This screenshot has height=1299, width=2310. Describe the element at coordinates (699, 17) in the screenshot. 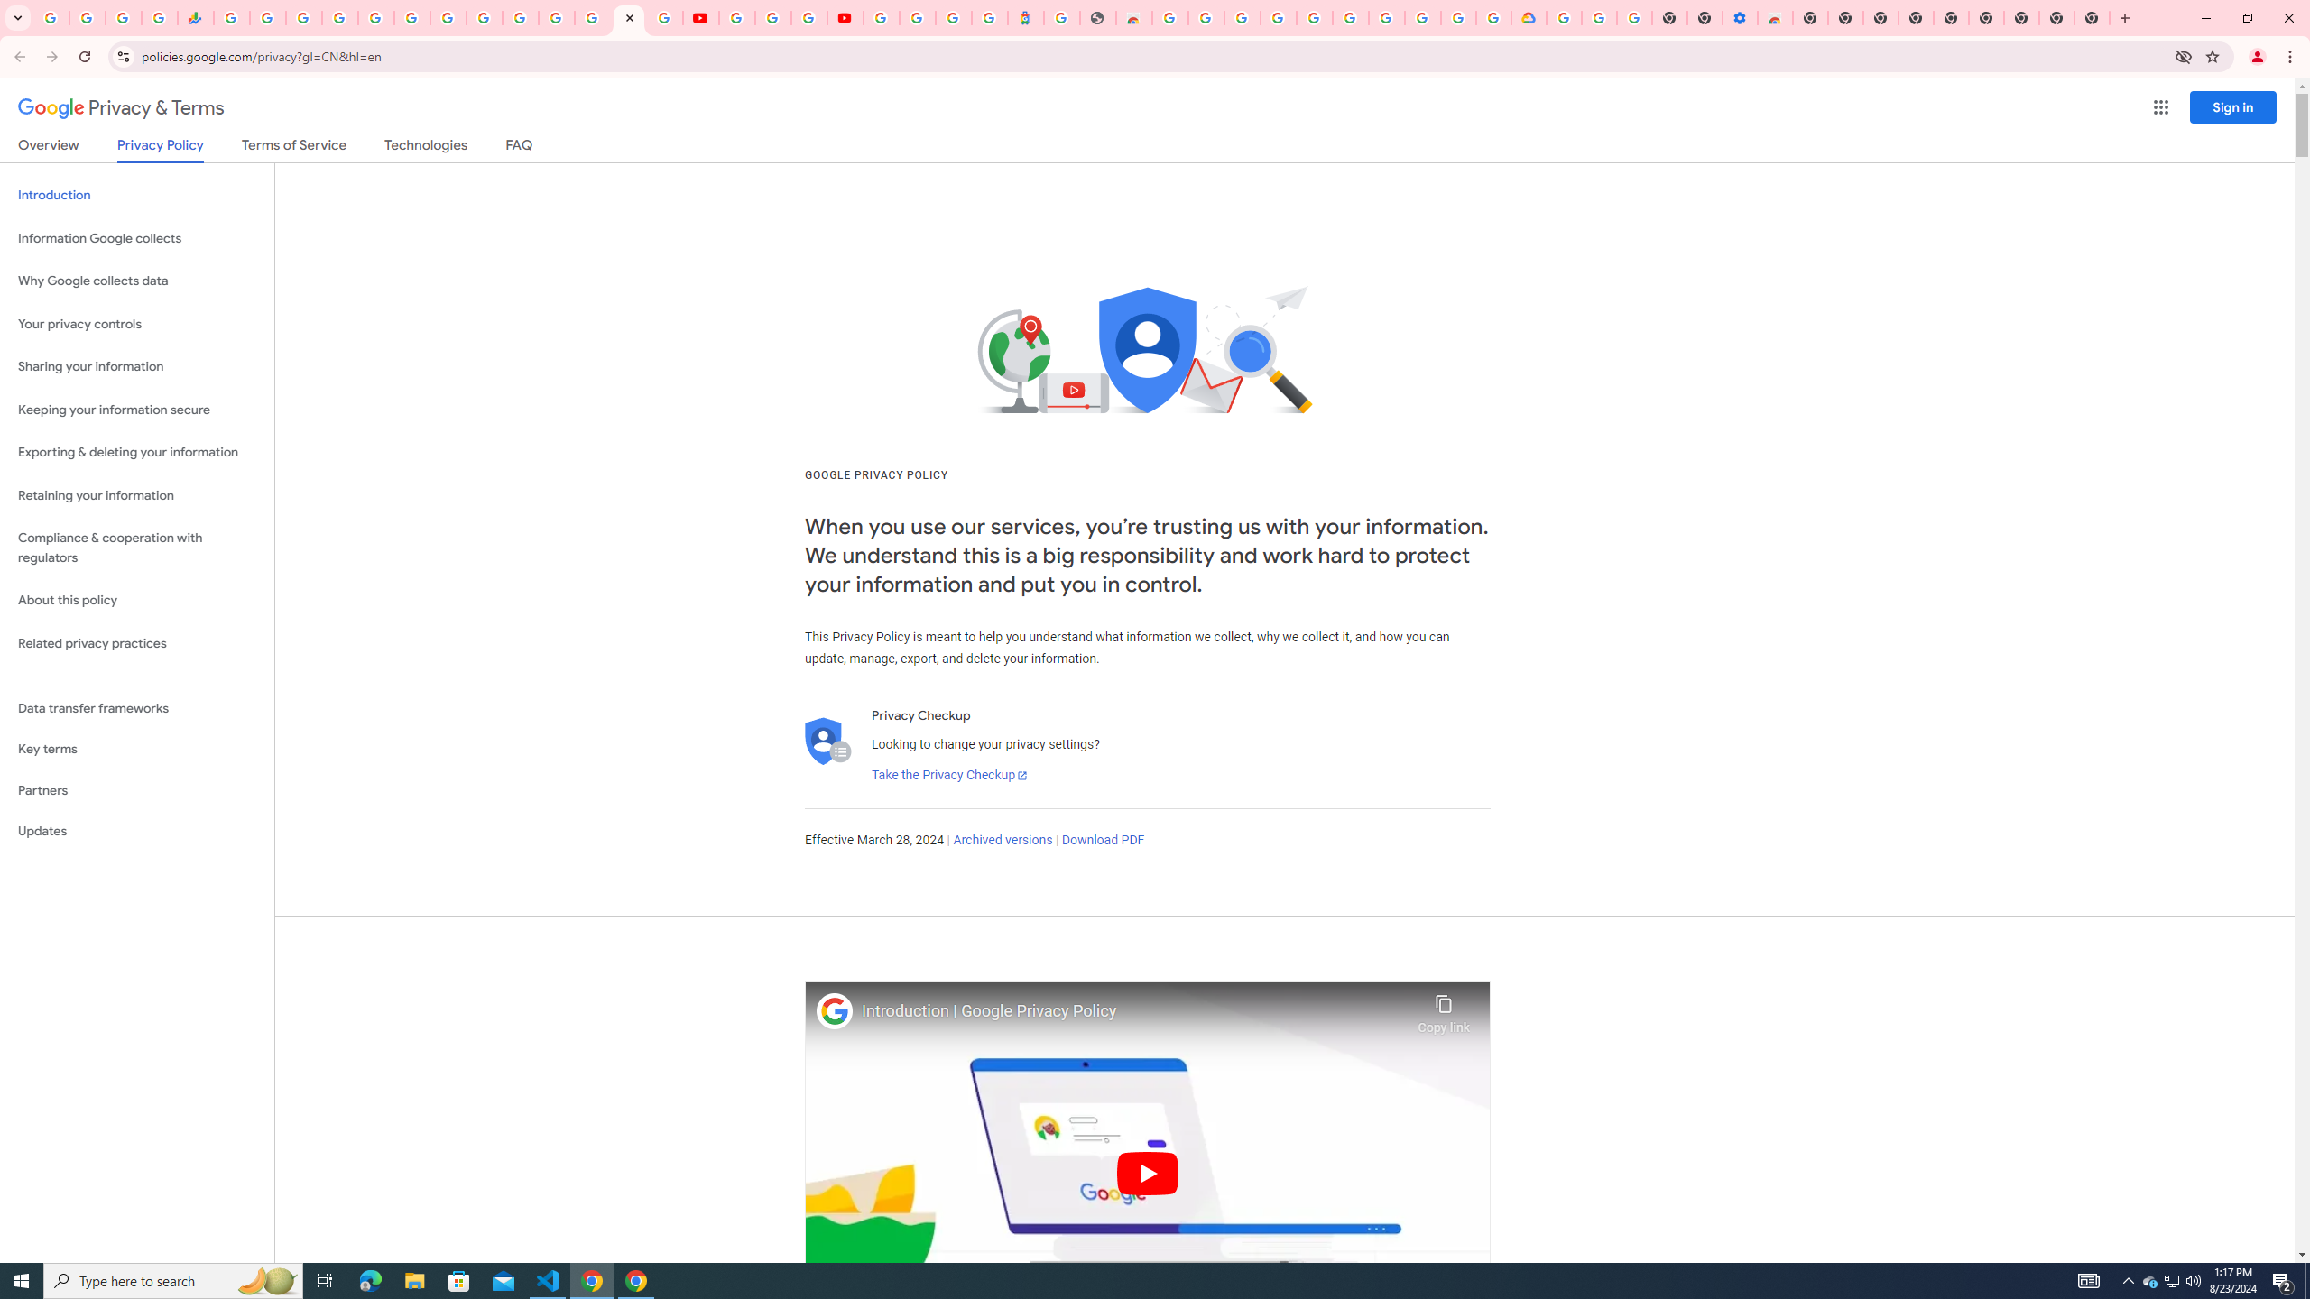

I see `'YouTube'` at that location.